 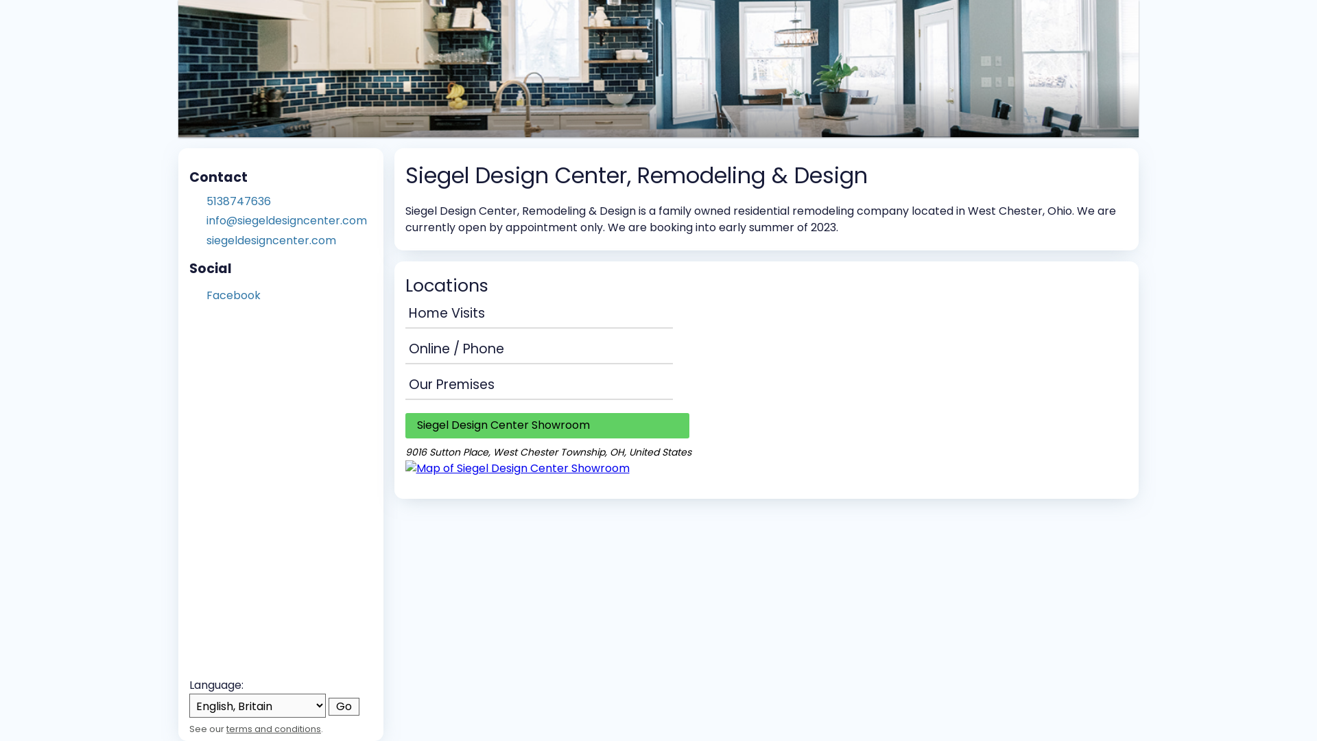 What do you see at coordinates (233, 294) in the screenshot?
I see `'Facebook'` at bounding box center [233, 294].